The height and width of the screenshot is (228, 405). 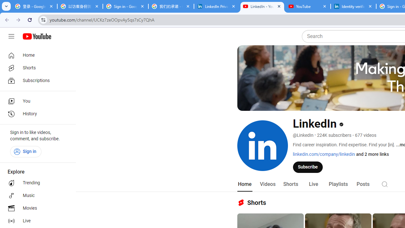 What do you see at coordinates (29, 19) in the screenshot?
I see `'Reload'` at bounding box center [29, 19].